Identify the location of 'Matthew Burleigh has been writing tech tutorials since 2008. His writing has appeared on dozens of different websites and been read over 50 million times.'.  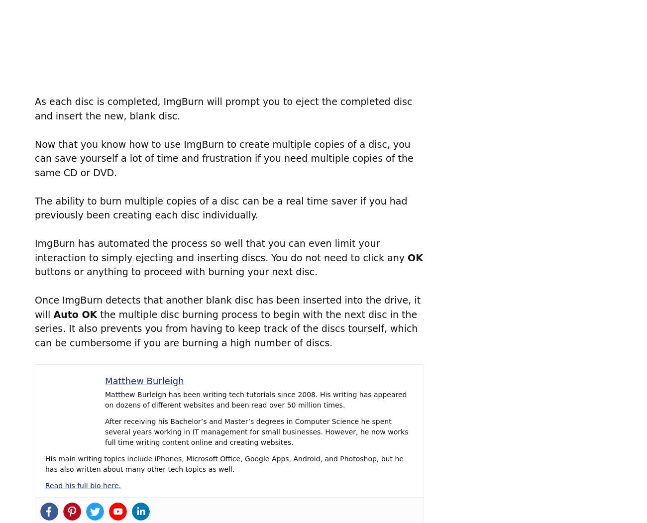
(256, 399).